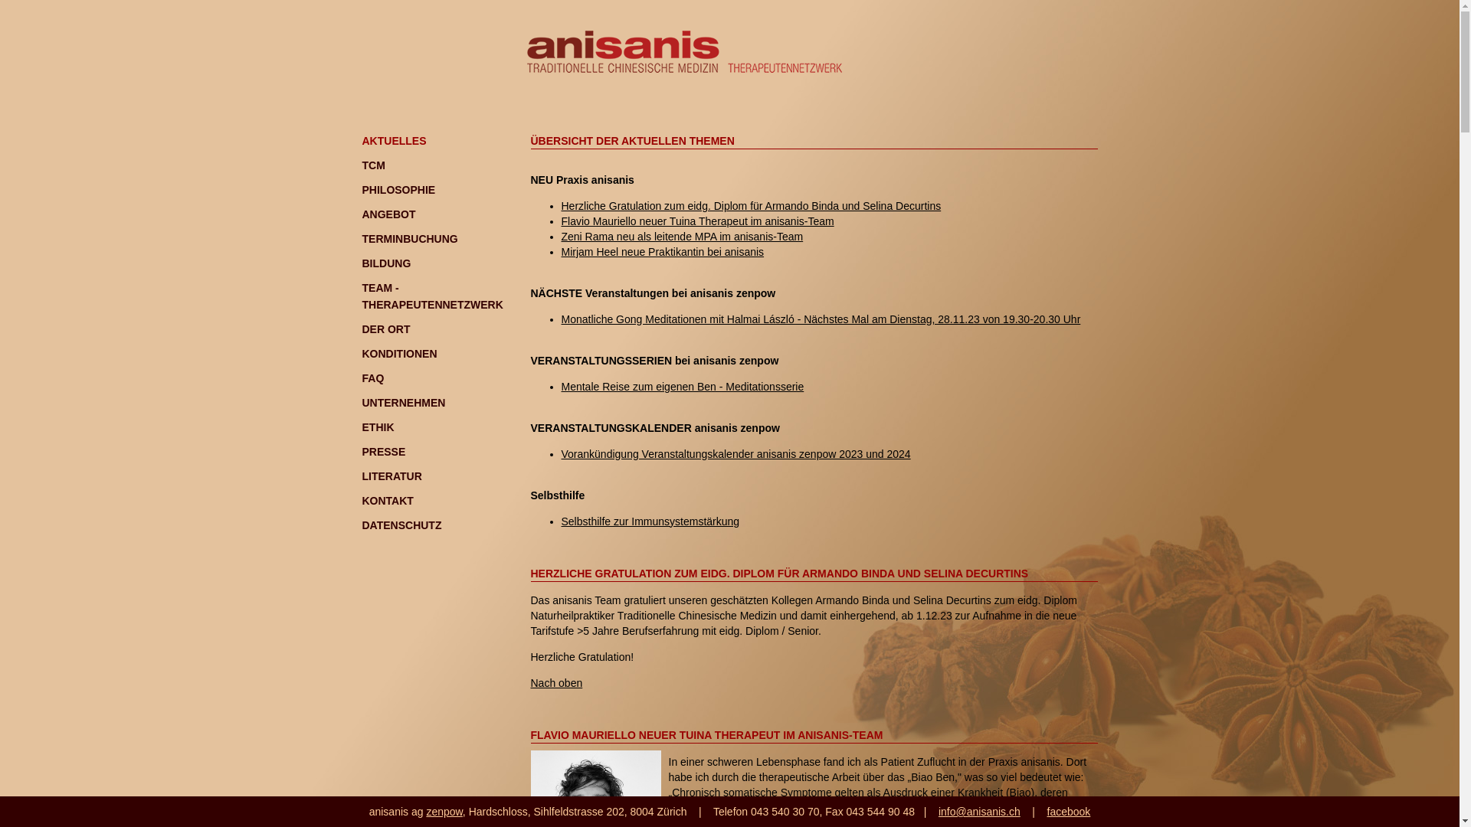 The height and width of the screenshot is (827, 1471). Describe the element at coordinates (383, 451) in the screenshot. I see `'PRESSE'` at that location.